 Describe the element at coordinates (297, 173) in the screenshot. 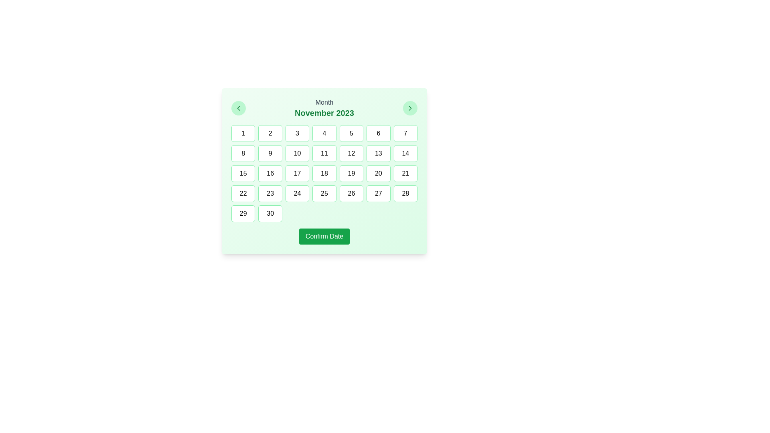

I see `the button indicating the date '17th' in the calendar interface` at that location.